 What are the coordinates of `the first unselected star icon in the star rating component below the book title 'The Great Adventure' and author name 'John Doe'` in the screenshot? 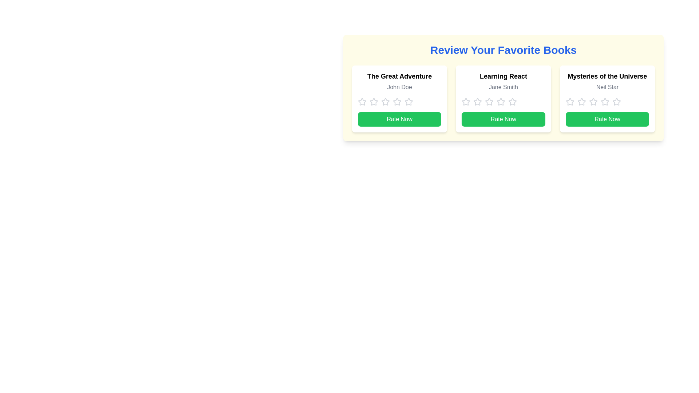 It's located at (362, 102).